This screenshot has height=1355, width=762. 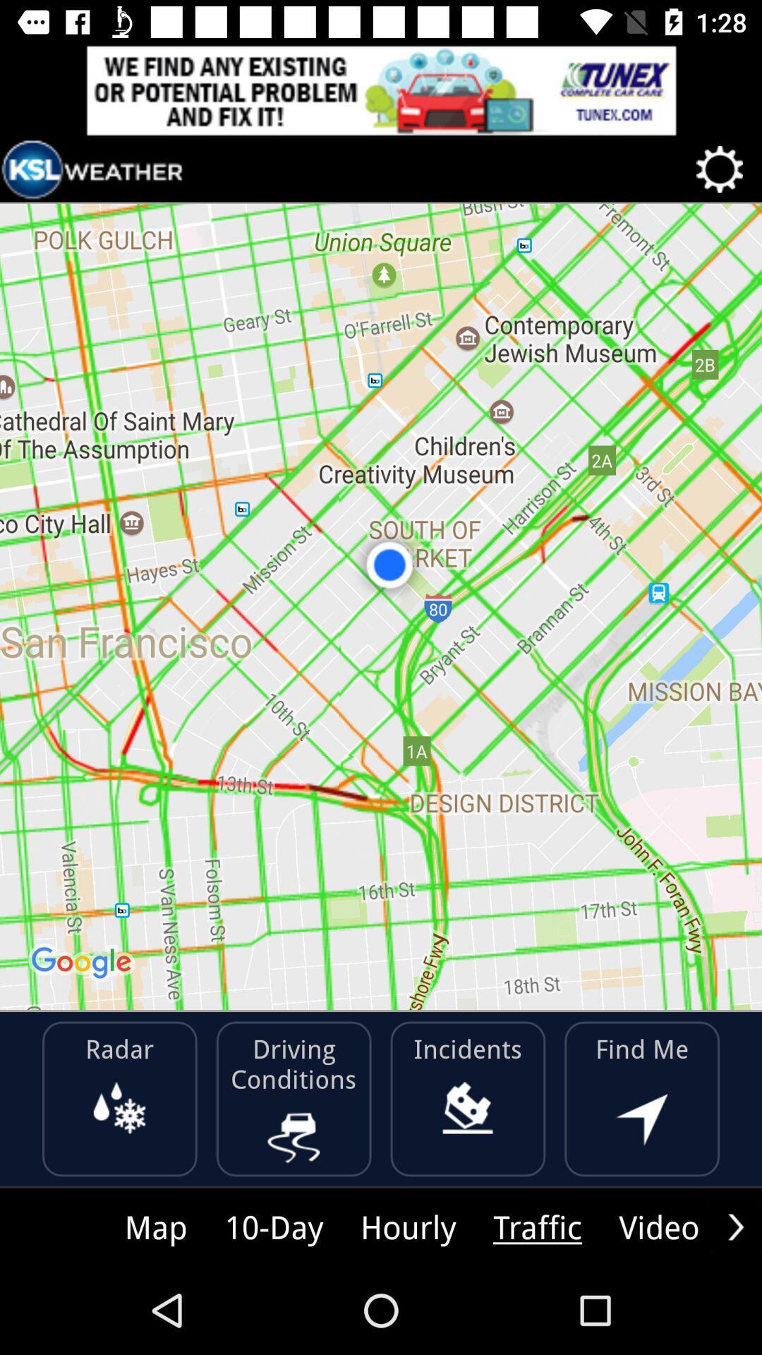 What do you see at coordinates (381, 90) in the screenshot?
I see `banner advertisement` at bounding box center [381, 90].